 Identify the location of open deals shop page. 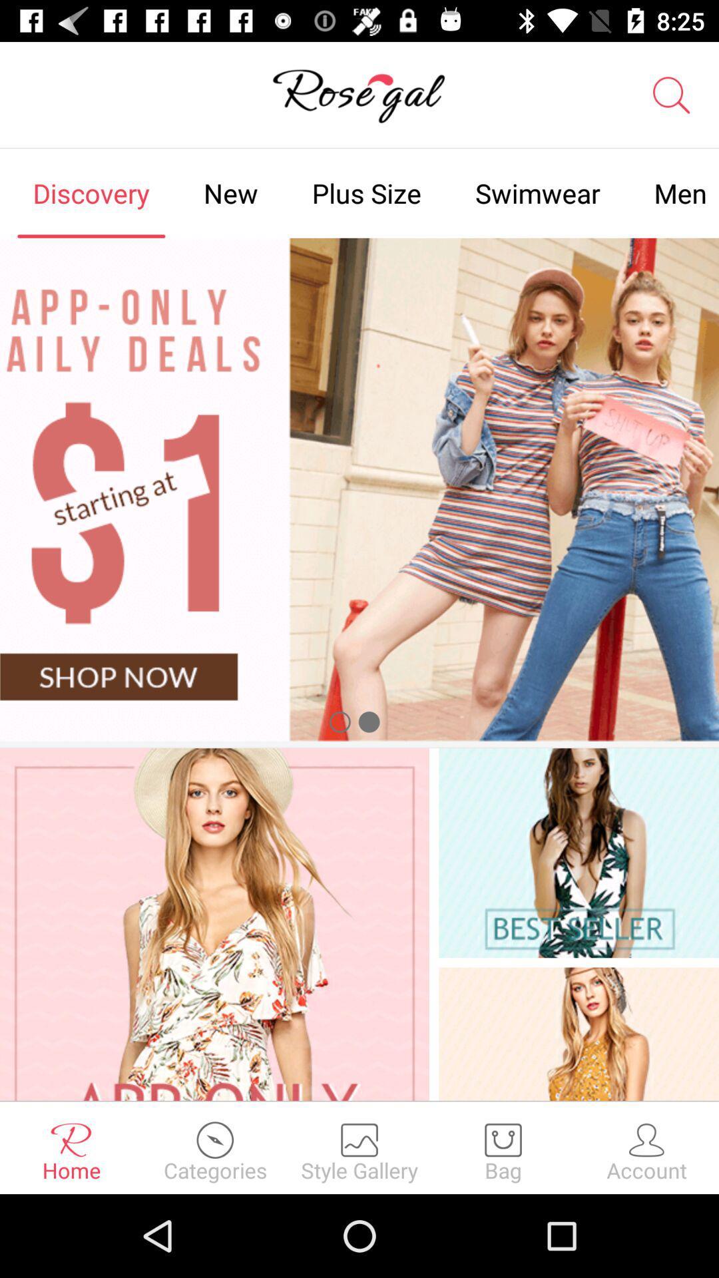
(359, 489).